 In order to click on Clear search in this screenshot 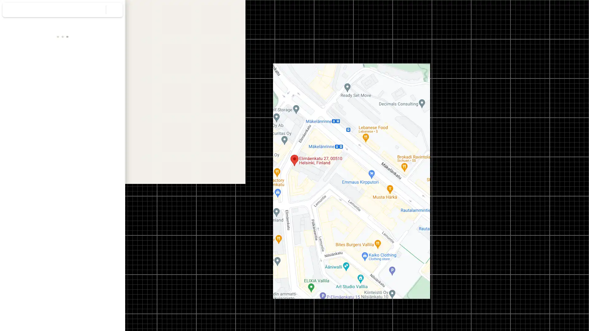, I will do `click(114, 10)`.